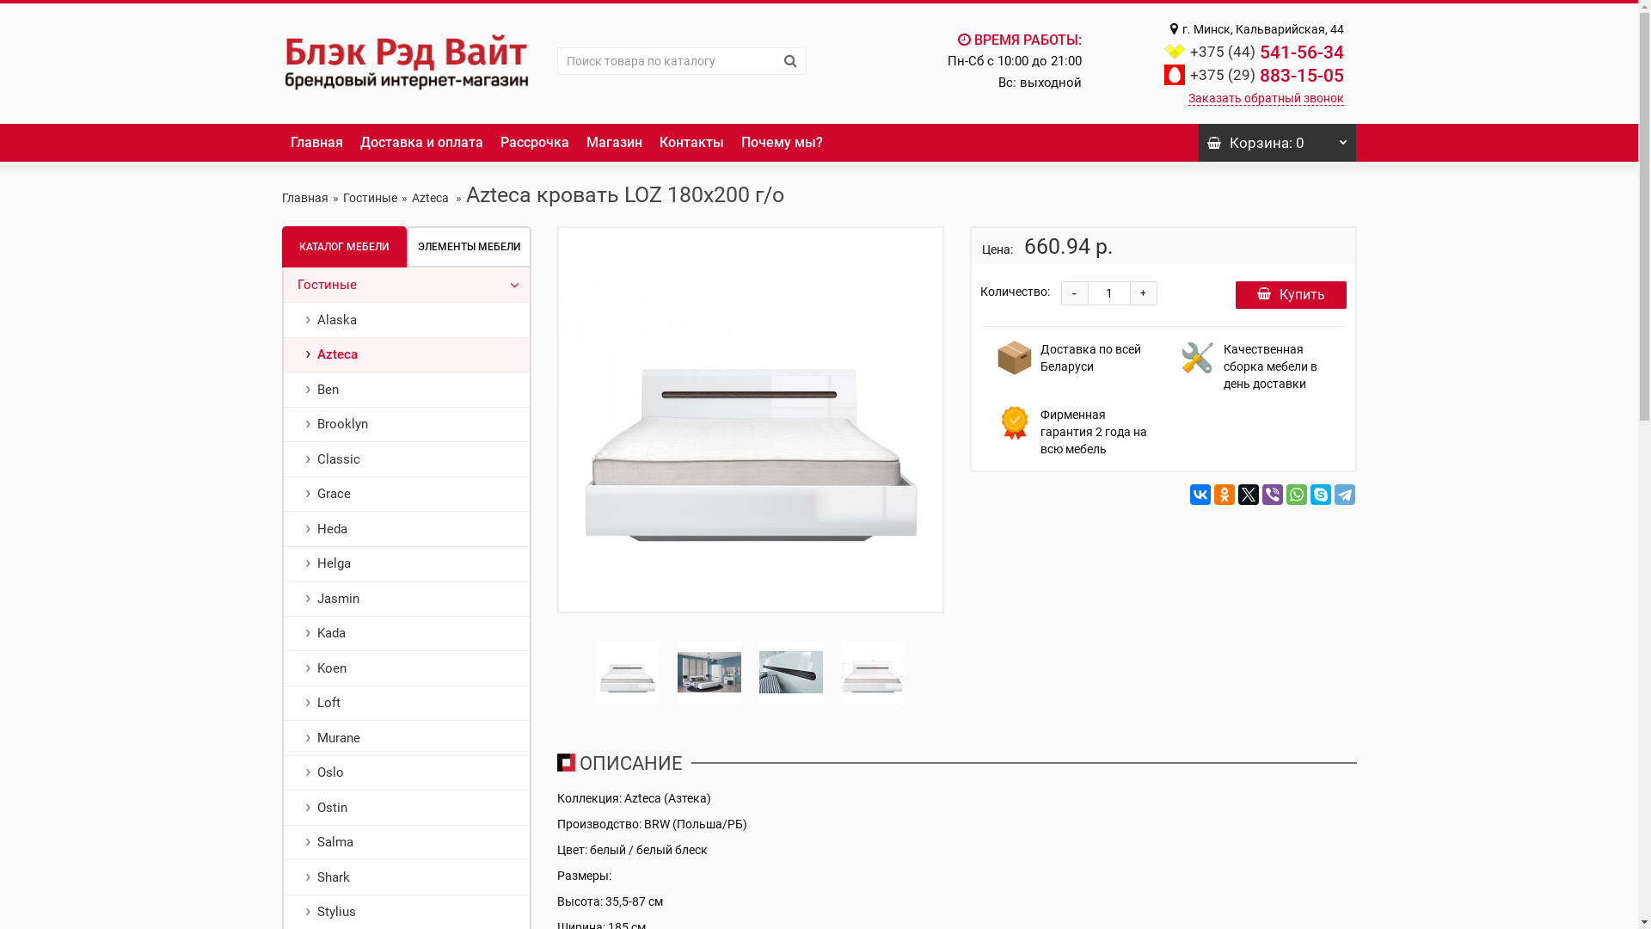  I want to click on 'Shark', so click(406, 877).